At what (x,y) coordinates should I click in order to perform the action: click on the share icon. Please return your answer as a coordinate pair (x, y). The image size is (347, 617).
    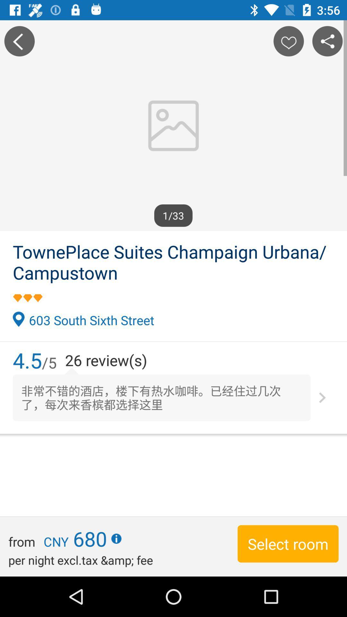
    Looking at the image, I should click on (327, 41).